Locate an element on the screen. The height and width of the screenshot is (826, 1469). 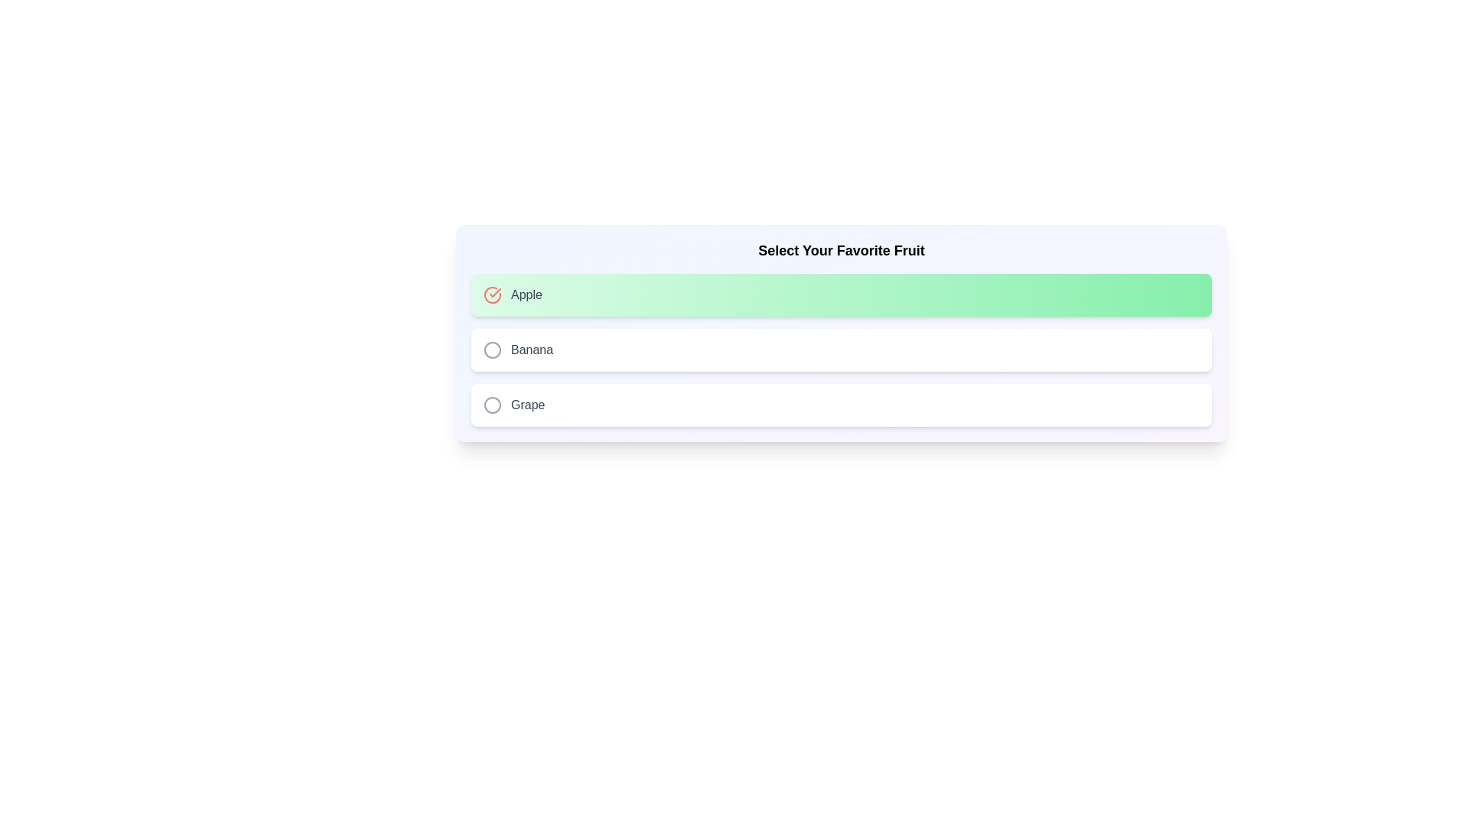
the circular icon with a partial arc and checkmark-like shape, which is red against a light green background and located to the left of the text 'Apple' in the selection list is located at coordinates (492, 294).